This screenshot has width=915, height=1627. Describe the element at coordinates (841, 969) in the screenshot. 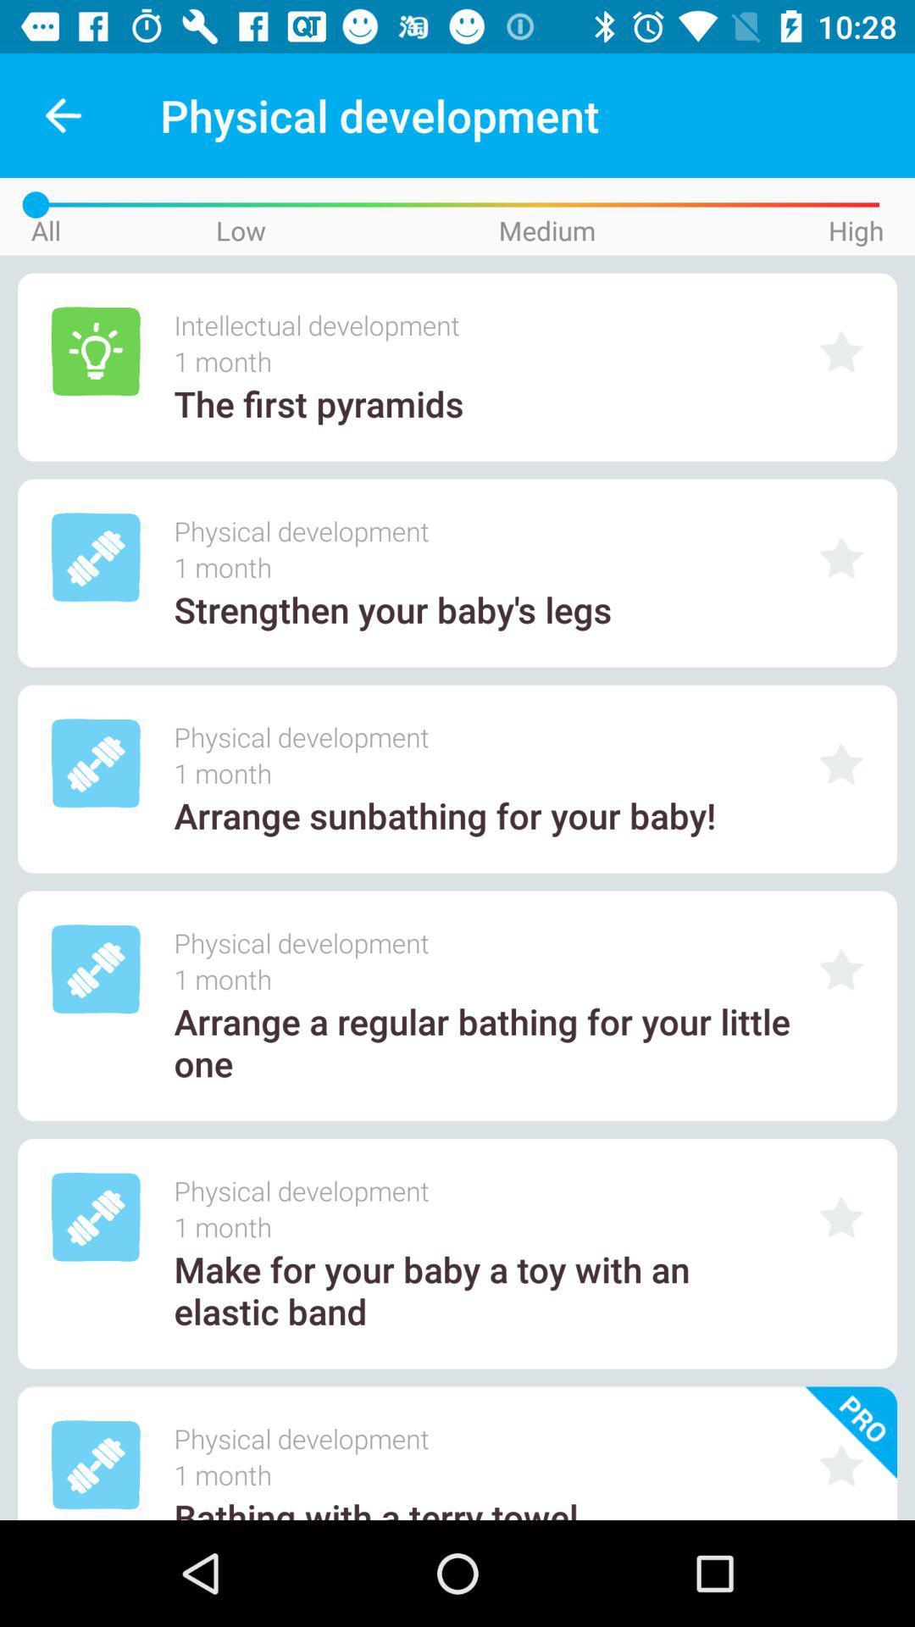

I see `star button` at that location.